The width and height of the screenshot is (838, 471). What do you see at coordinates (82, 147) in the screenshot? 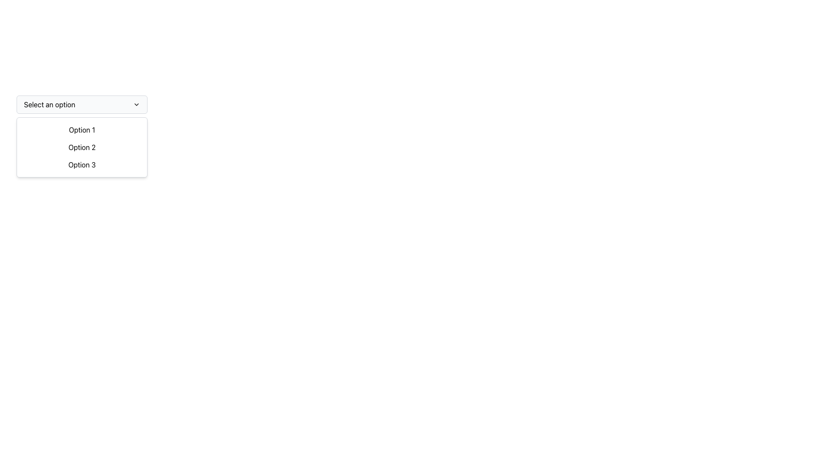
I see `the second option in the dropdown menu to change its background color` at bounding box center [82, 147].